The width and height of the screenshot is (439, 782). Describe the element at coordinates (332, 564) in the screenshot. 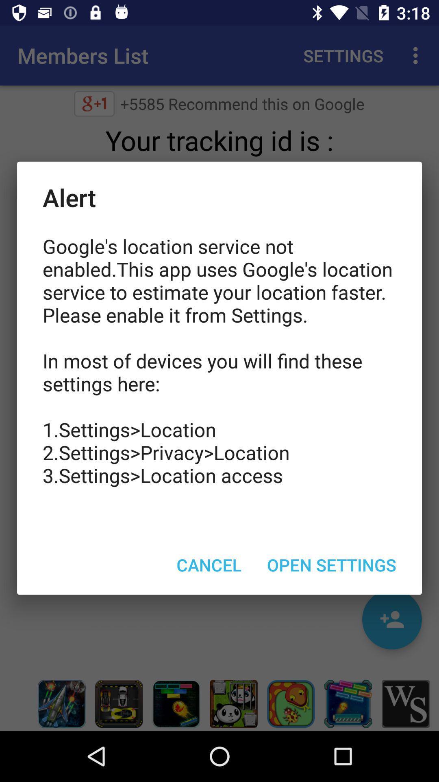

I see `the item next to the cancel` at that location.